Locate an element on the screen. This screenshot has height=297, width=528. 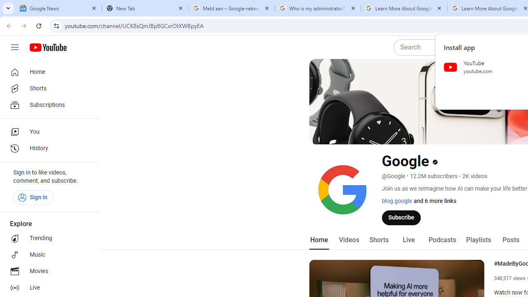
'Shorts' is located at coordinates (378, 240).